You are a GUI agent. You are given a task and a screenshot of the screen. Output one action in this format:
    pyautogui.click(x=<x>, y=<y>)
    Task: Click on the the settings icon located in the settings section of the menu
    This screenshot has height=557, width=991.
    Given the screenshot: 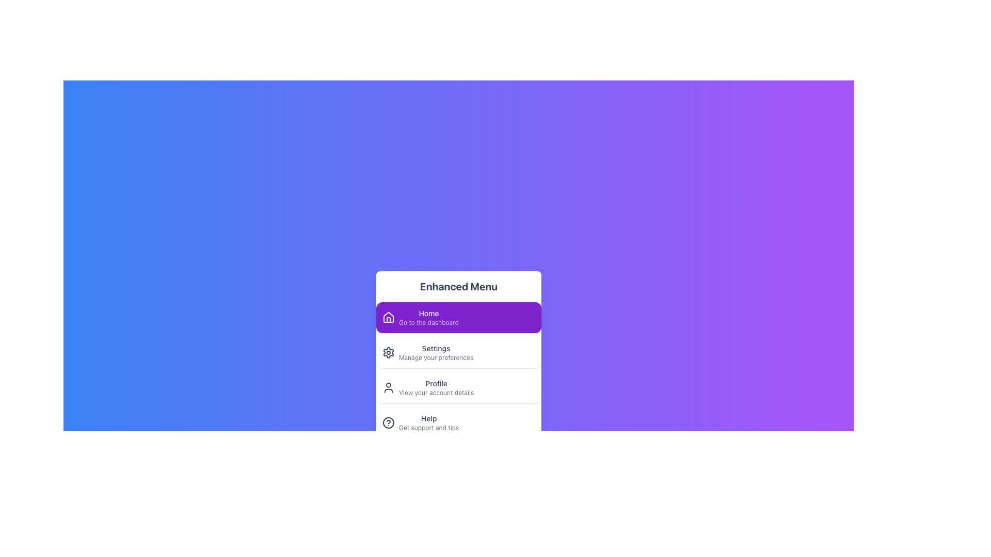 What is the action you would take?
    pyautogui.click(x=388, y=352)
    